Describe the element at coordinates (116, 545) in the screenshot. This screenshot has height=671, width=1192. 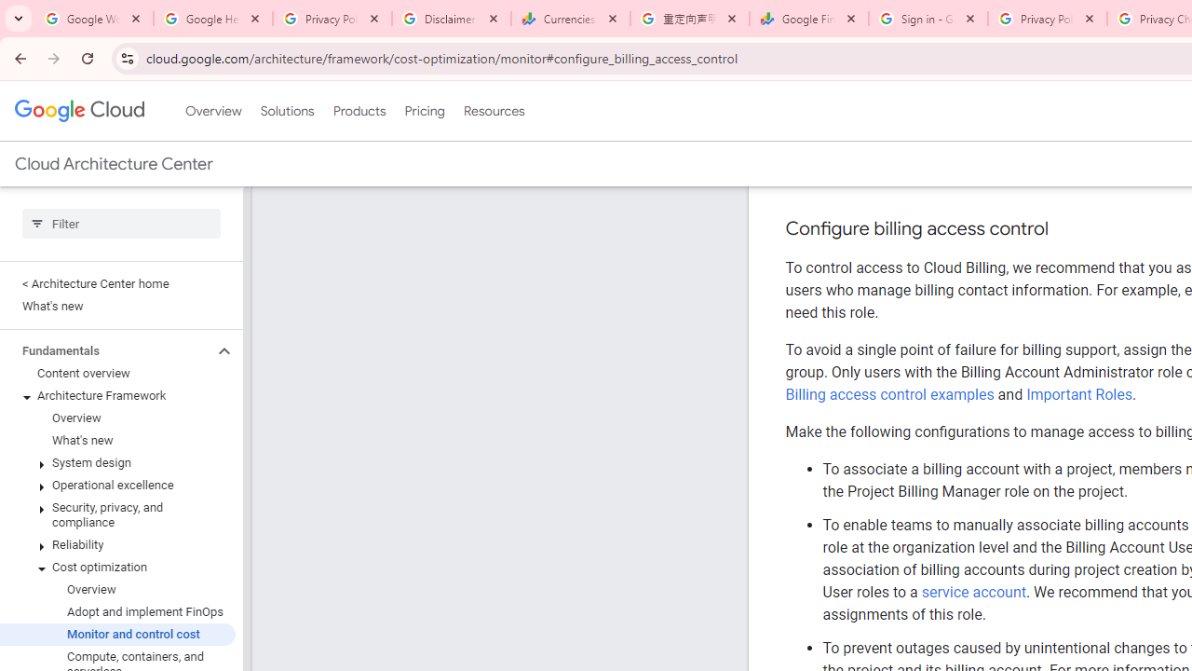
I see `'Reliability'` at that location.